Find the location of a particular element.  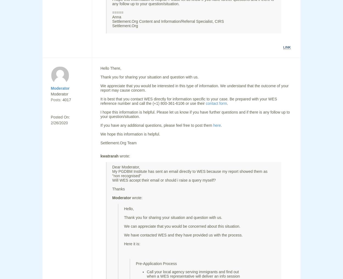

'If you have any additional questions, please feel free to post them' is located at coordinates (156, 125).